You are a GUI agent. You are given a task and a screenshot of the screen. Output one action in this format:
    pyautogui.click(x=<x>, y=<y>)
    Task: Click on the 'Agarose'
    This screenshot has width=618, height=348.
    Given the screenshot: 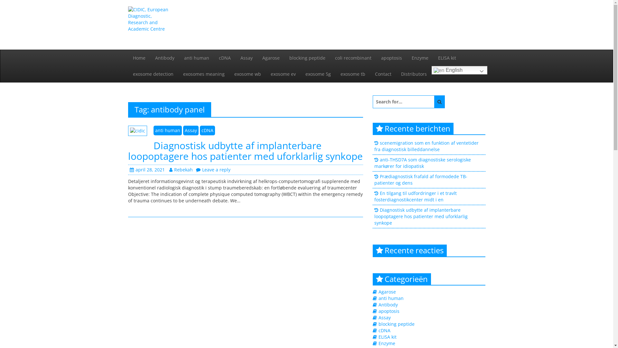 What is the action you would take?
    pyautogui.click(x=271, y=58)
    